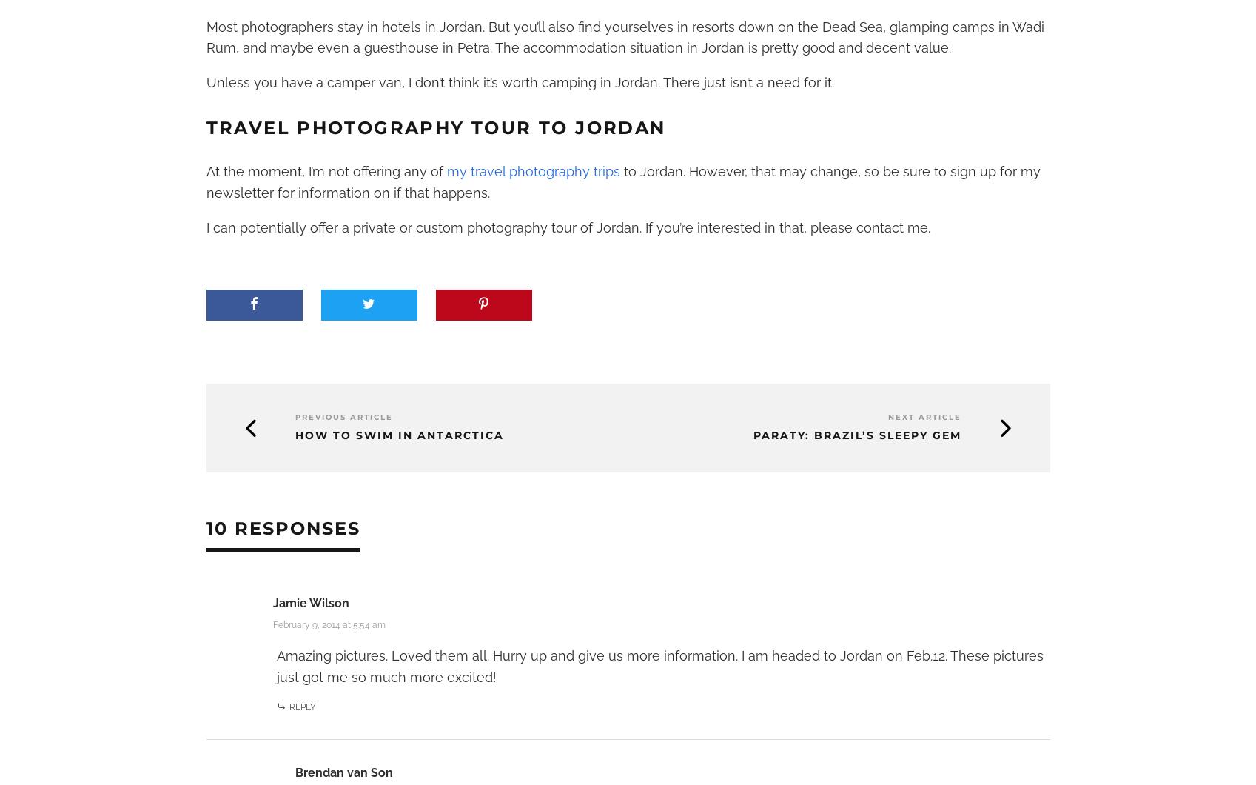 The width and height of the screenshot is (1256, 785). What do you see at coordinates (309, 602) in the screenshot?
I see `'Jamie Wilson'` at bounding box center [309, 602].